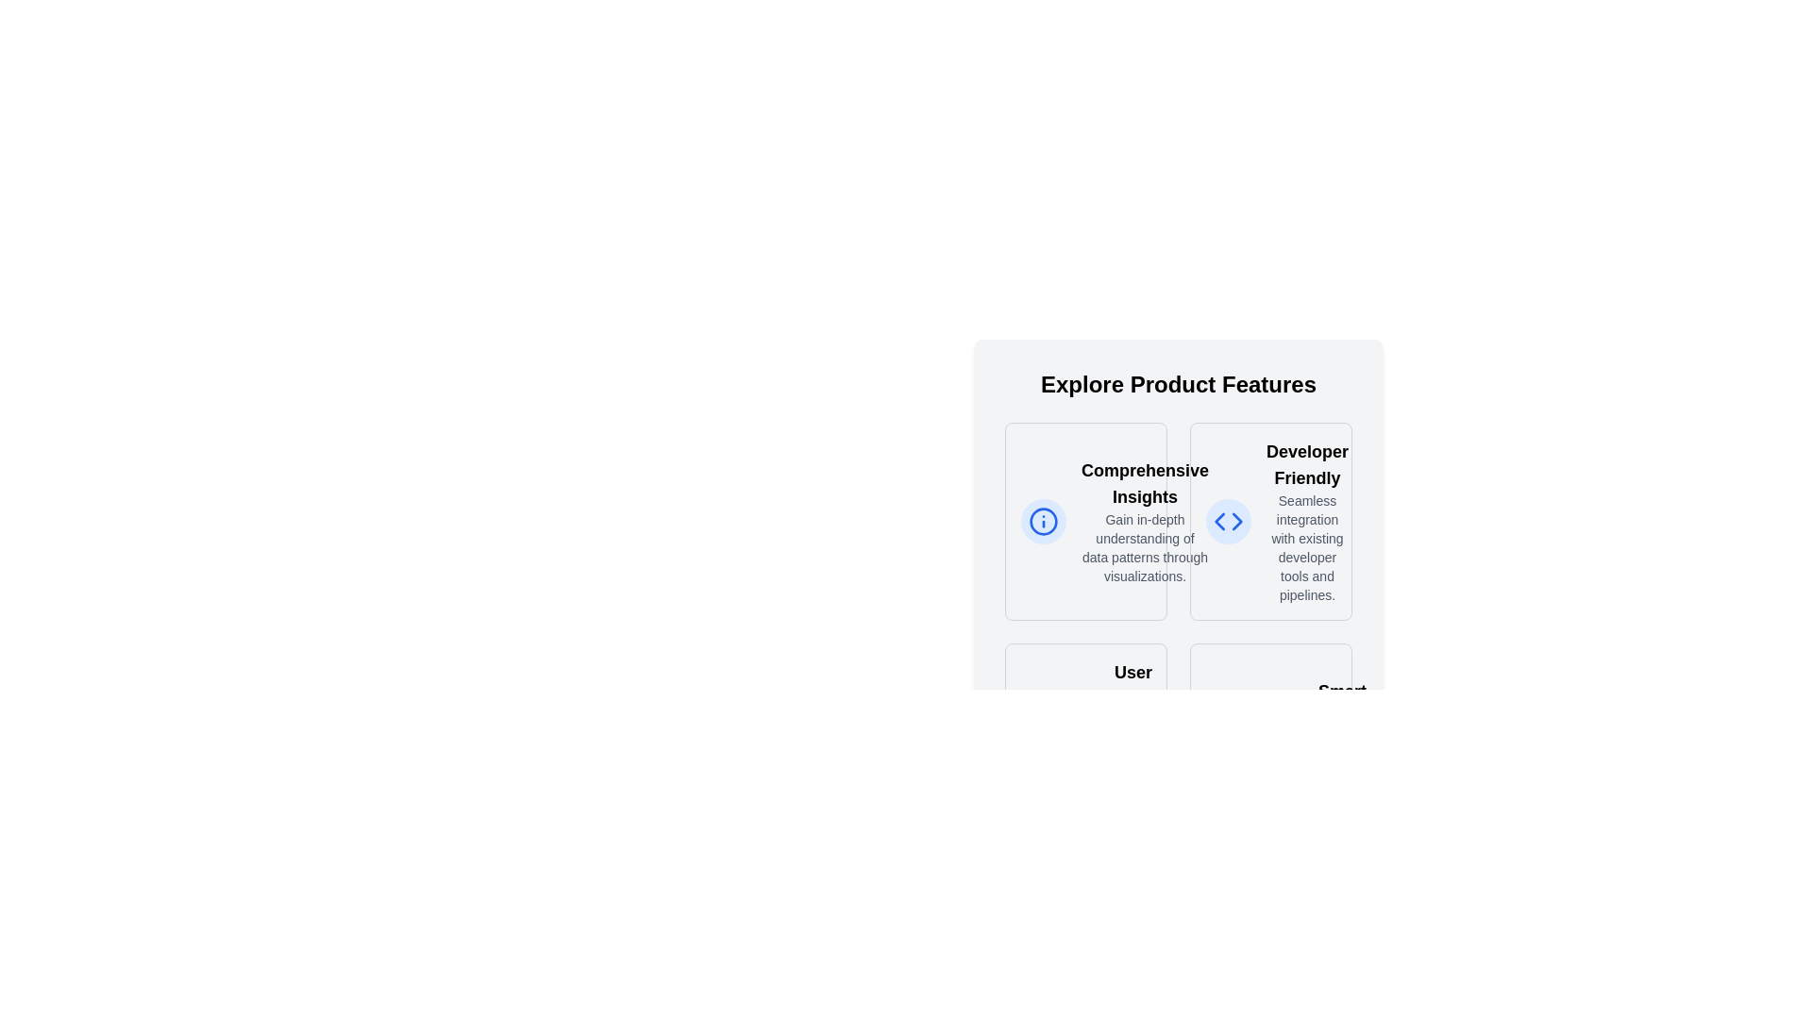 Image resolution: width=1812 pixels, height=1019 pixels. I want to click on the developer tools icon in the 'Developer Friendly' card, so click(1228, 521).